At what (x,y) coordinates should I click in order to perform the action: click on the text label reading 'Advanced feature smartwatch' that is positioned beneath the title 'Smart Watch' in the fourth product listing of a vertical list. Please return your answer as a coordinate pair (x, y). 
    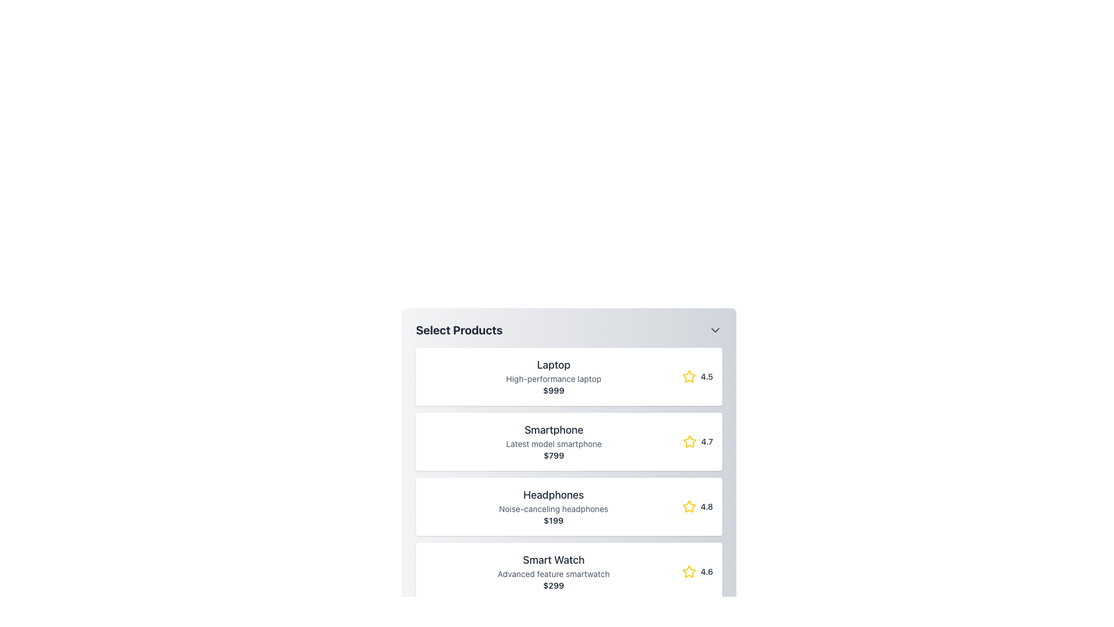
    Looking at the image, I should click on (553, 573).